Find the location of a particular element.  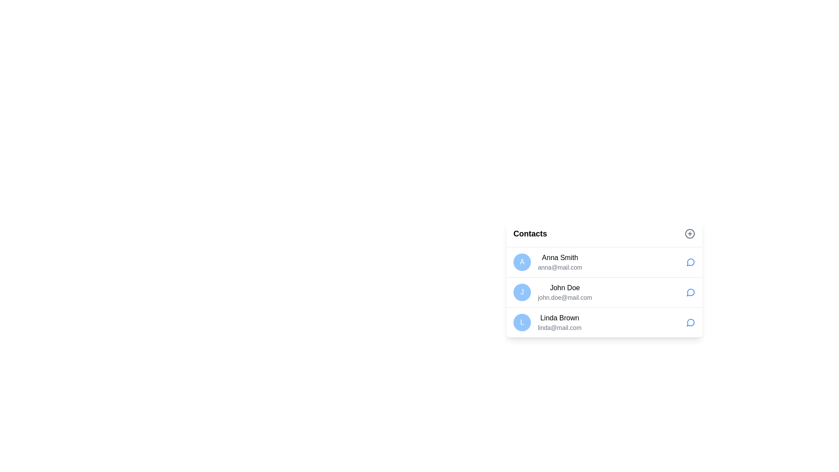

the contact item for 'John Doe' which is the second item in the contacts list, featuring a circular avatar with a blue background and the letter 'J', along with the name 'John Doe' and email 'john.doe@mail.com' is located at coordinates (603, 292).